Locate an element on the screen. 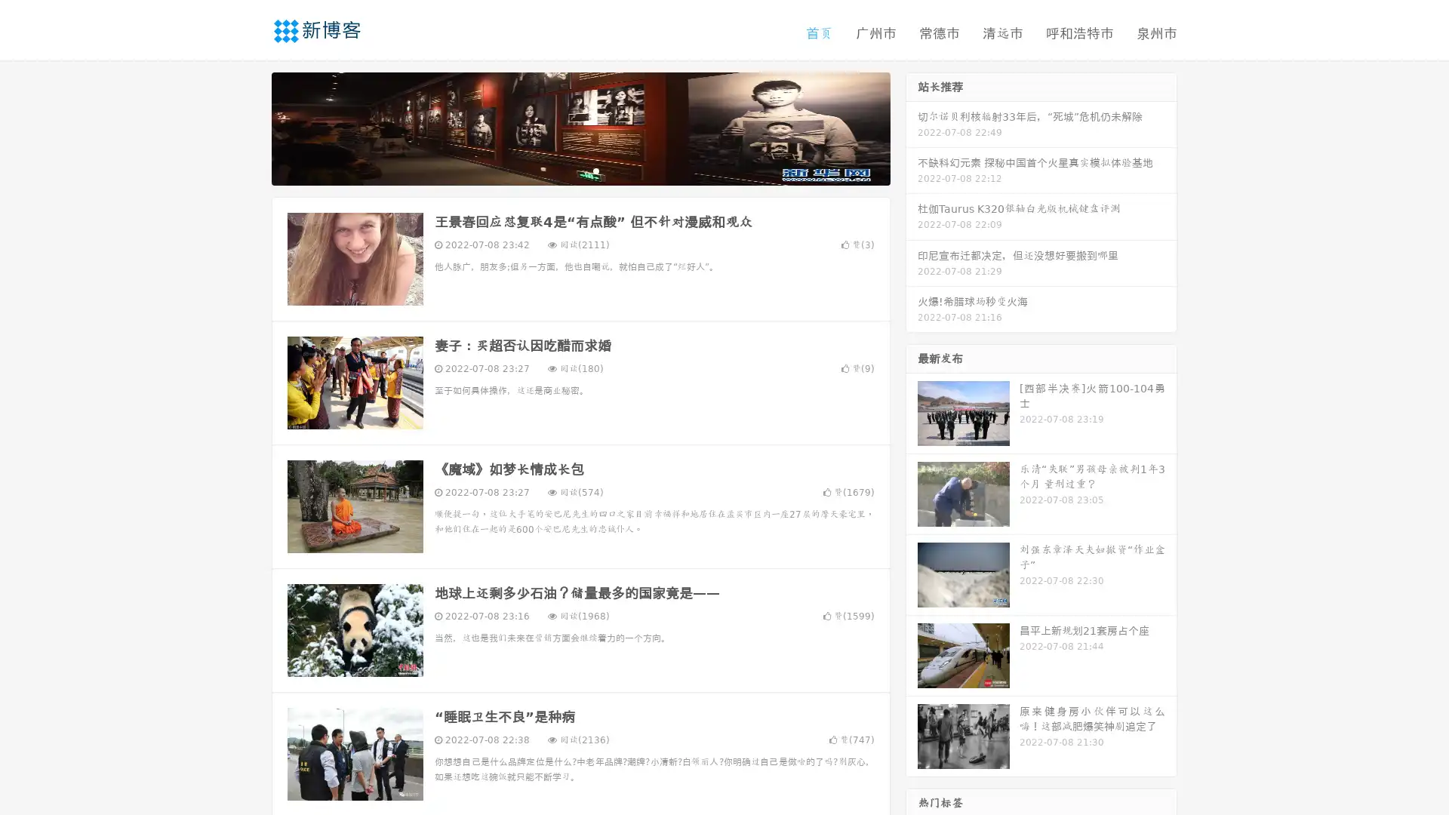 This screenshot has width=1449, height=815. Next slide is located at coordinates (912, 127).